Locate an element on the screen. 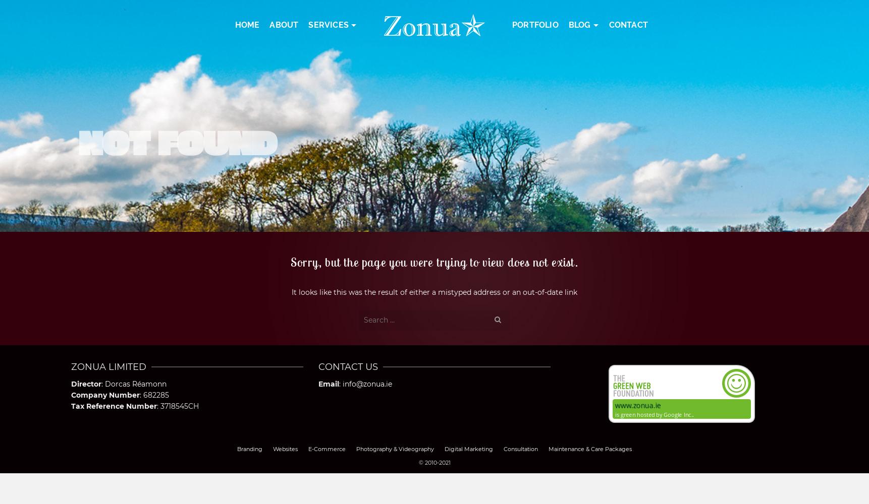 This screenshot has width=869, height=504. 'Director' is located at coordinates (86, 384).